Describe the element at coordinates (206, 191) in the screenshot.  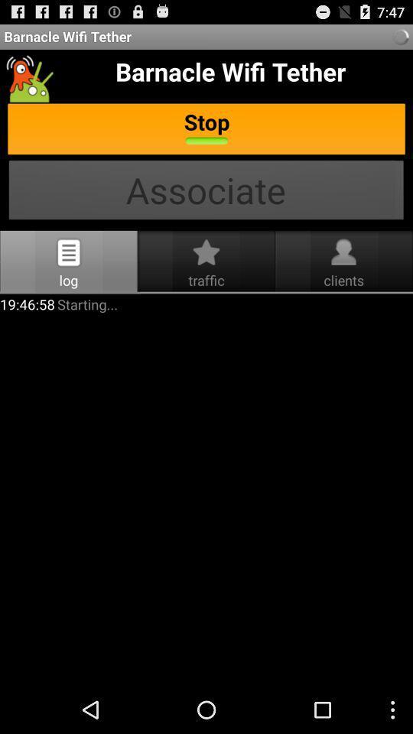
I see `associate` at that location.